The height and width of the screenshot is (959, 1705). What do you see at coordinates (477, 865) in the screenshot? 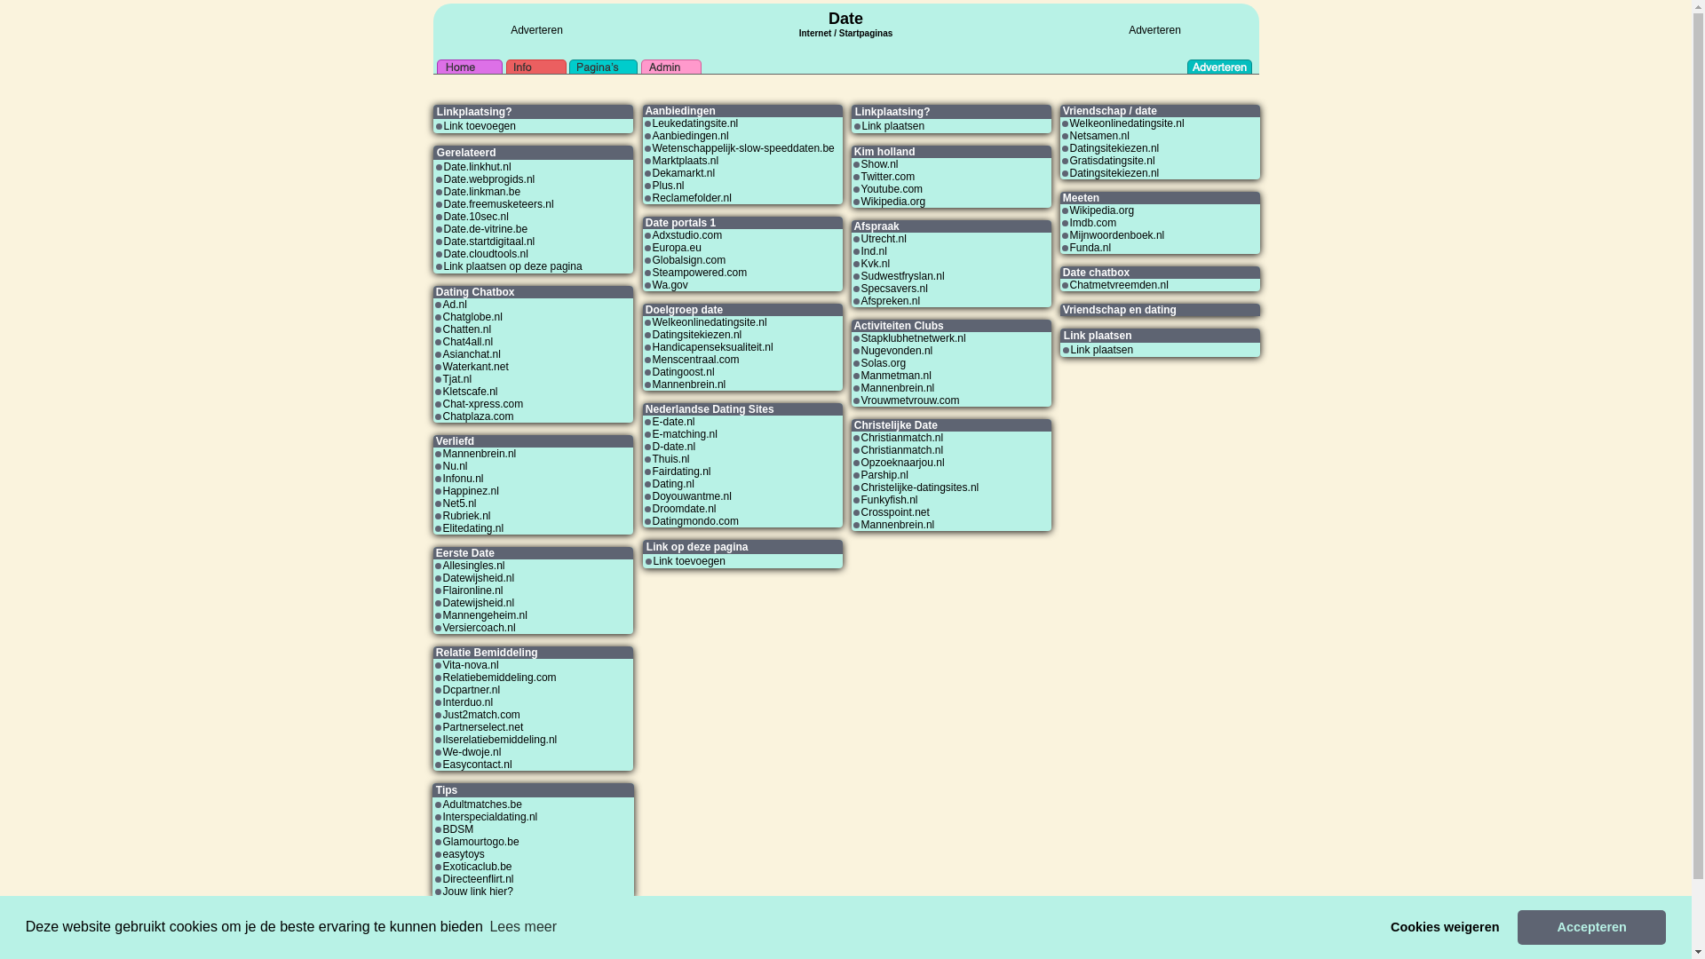
I see `'Exoticaclub.be'` at bounding box center [477, 865].